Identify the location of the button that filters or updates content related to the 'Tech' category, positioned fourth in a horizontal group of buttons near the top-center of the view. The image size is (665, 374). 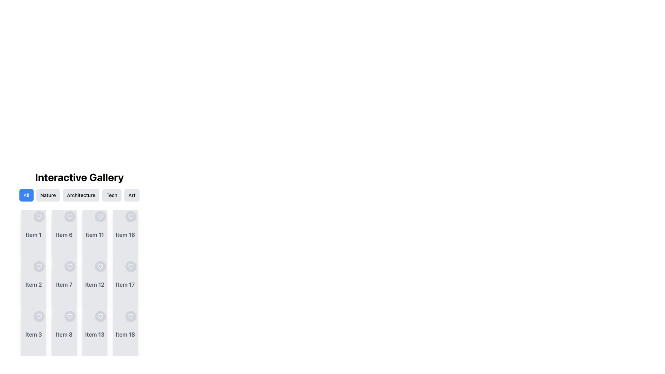
(112, 195).